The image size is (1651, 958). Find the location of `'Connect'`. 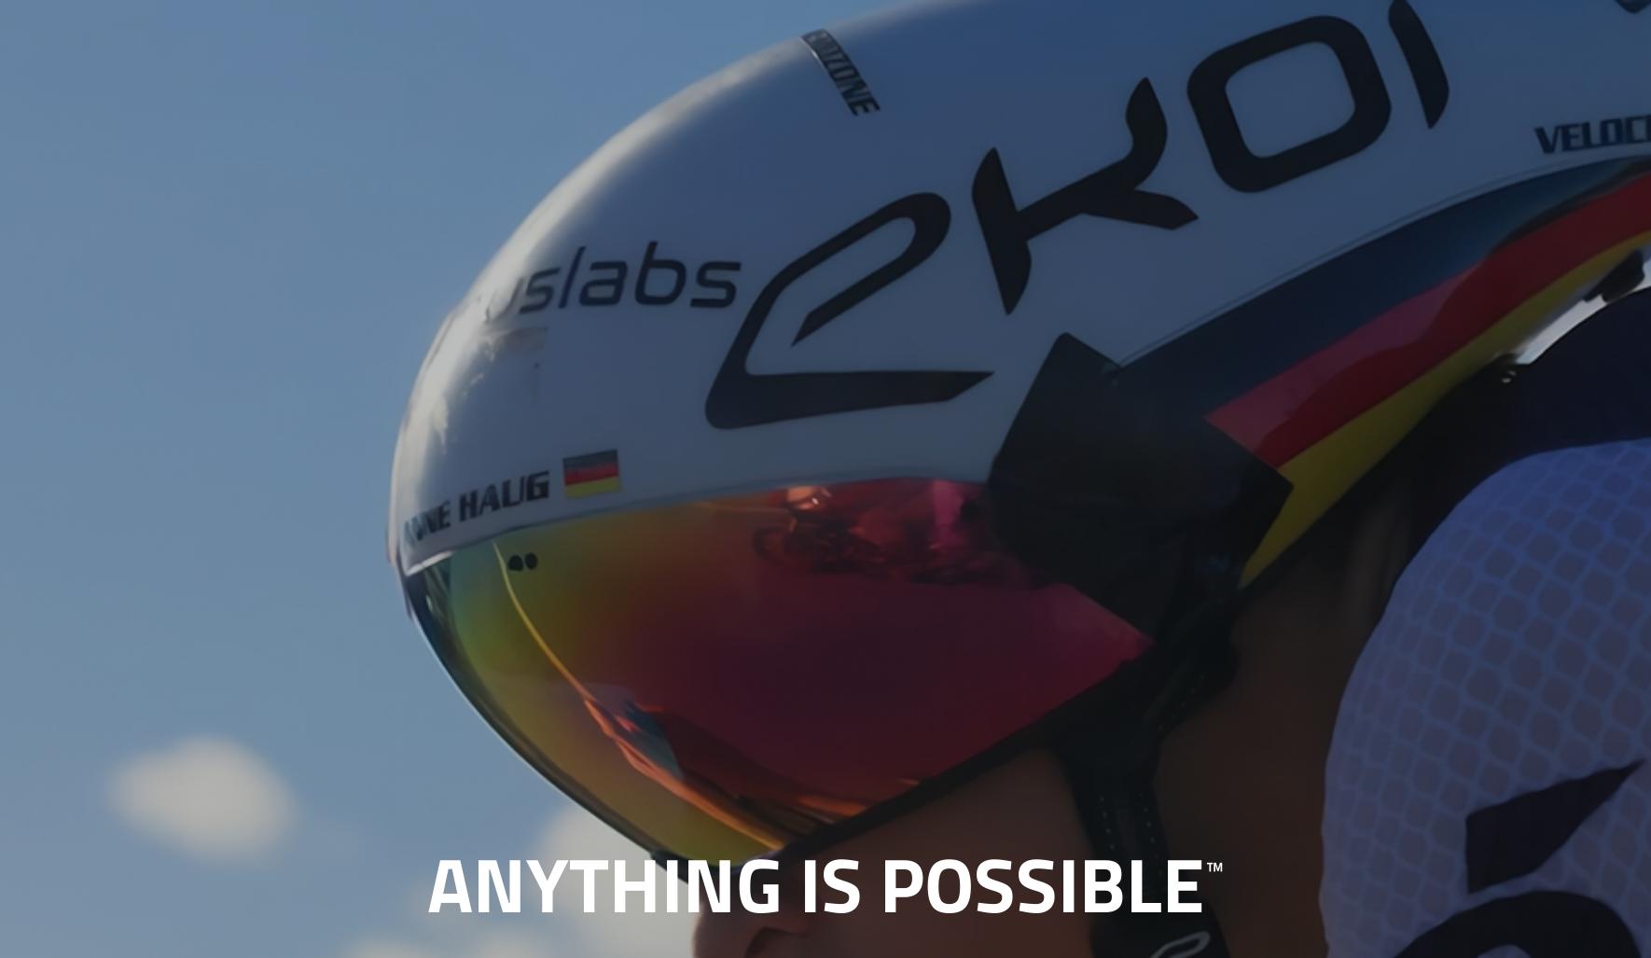

'Connect' is located at coordinates (1042, 46).